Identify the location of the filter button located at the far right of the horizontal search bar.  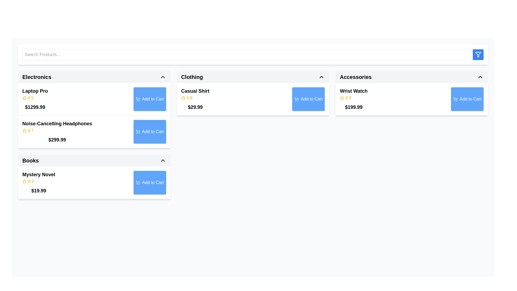
(478, 55).